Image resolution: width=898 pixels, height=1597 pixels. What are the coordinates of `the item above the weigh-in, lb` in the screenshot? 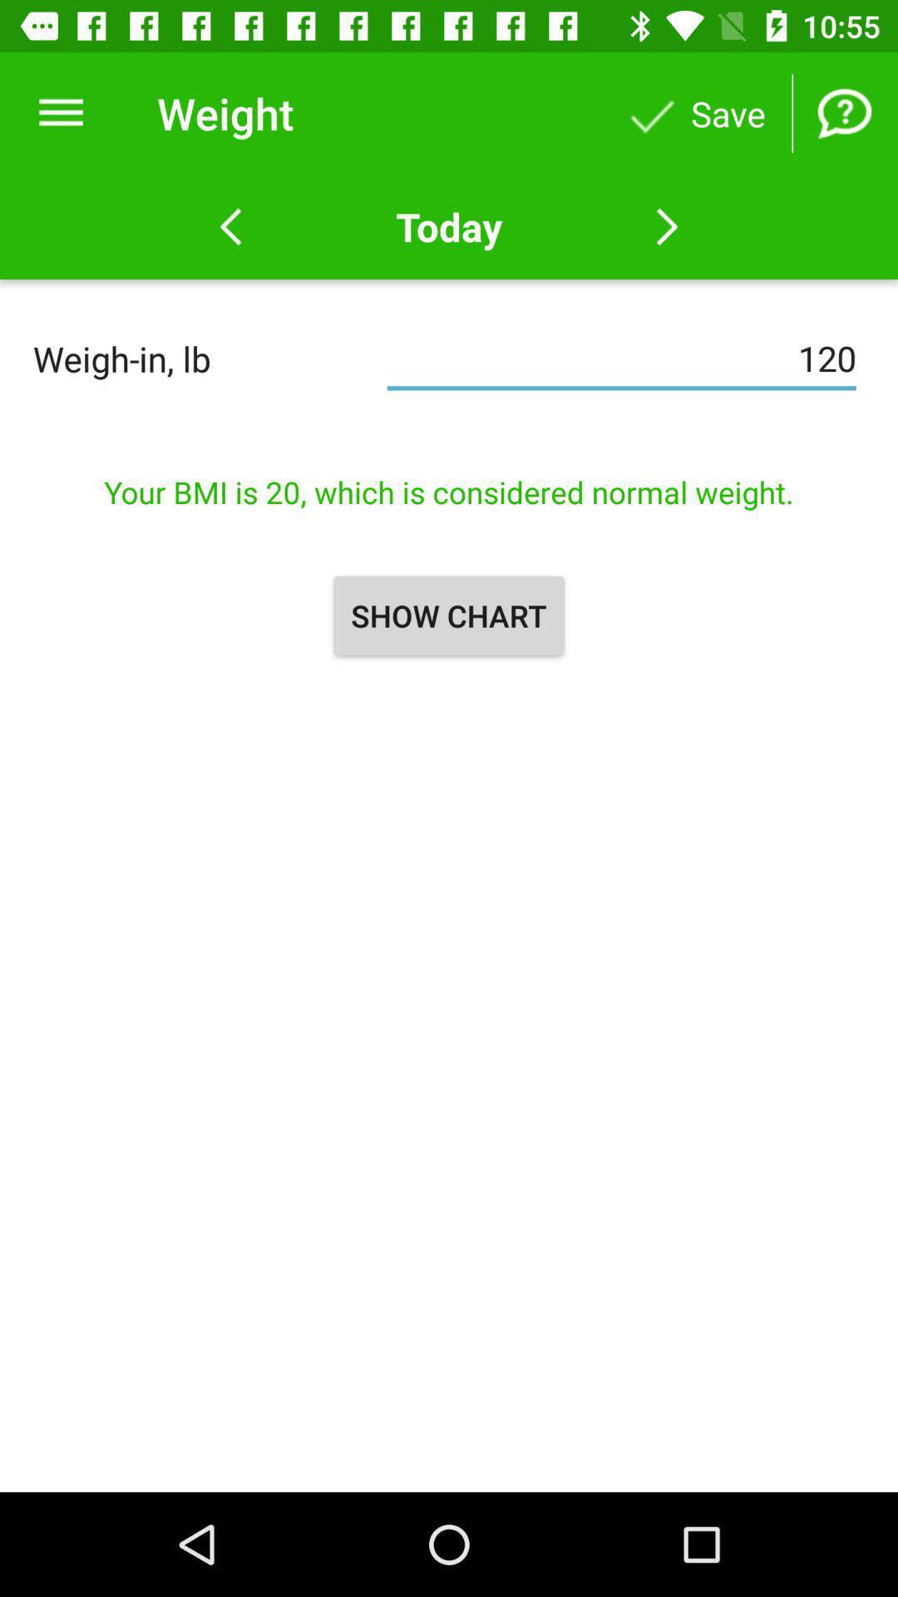 It's located at (60, 112).